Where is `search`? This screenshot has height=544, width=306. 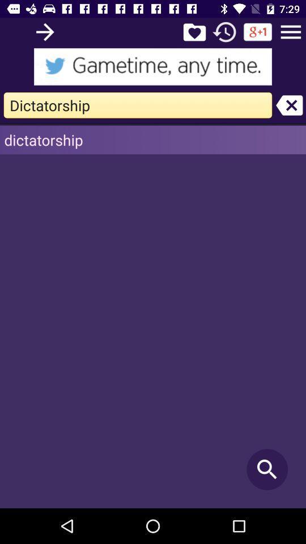 search is located at coordinates (44, 31).